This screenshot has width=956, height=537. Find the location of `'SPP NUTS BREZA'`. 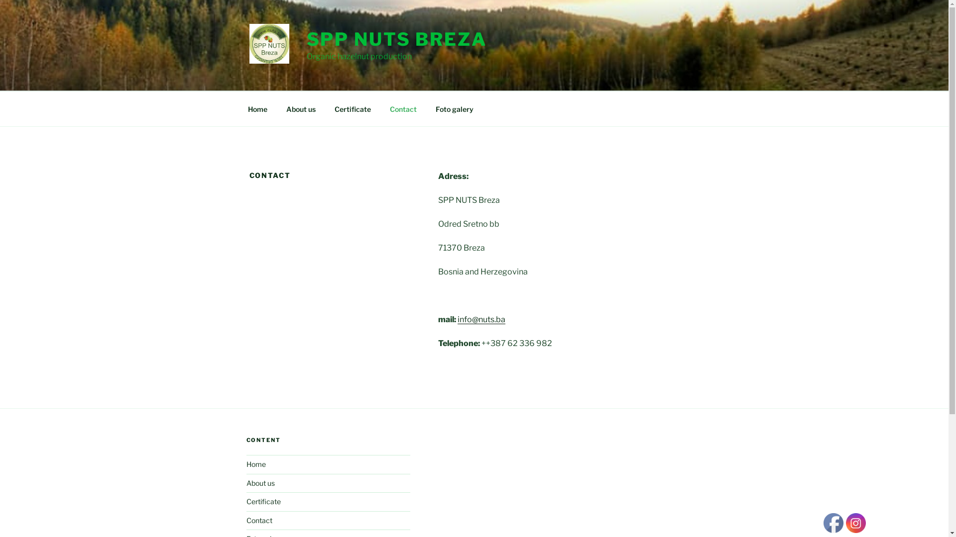

'SPP NUTS BREZA' is located at coordinates (396, 38).